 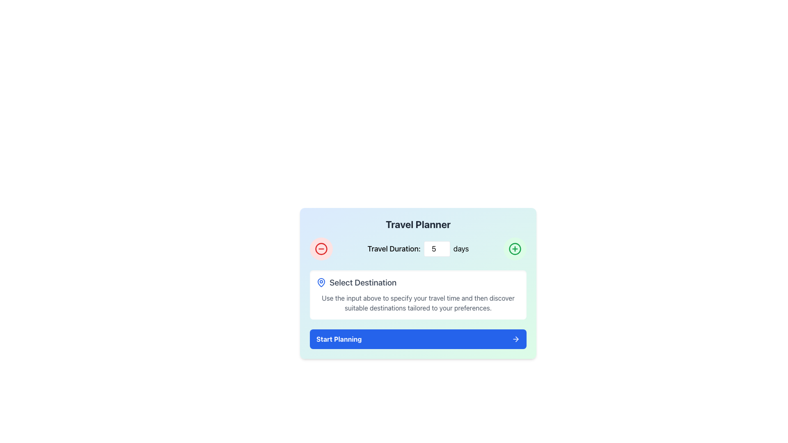 I want to click on the button at the bottom of the 'Travel Planner' module, so click(x=418, y=339).